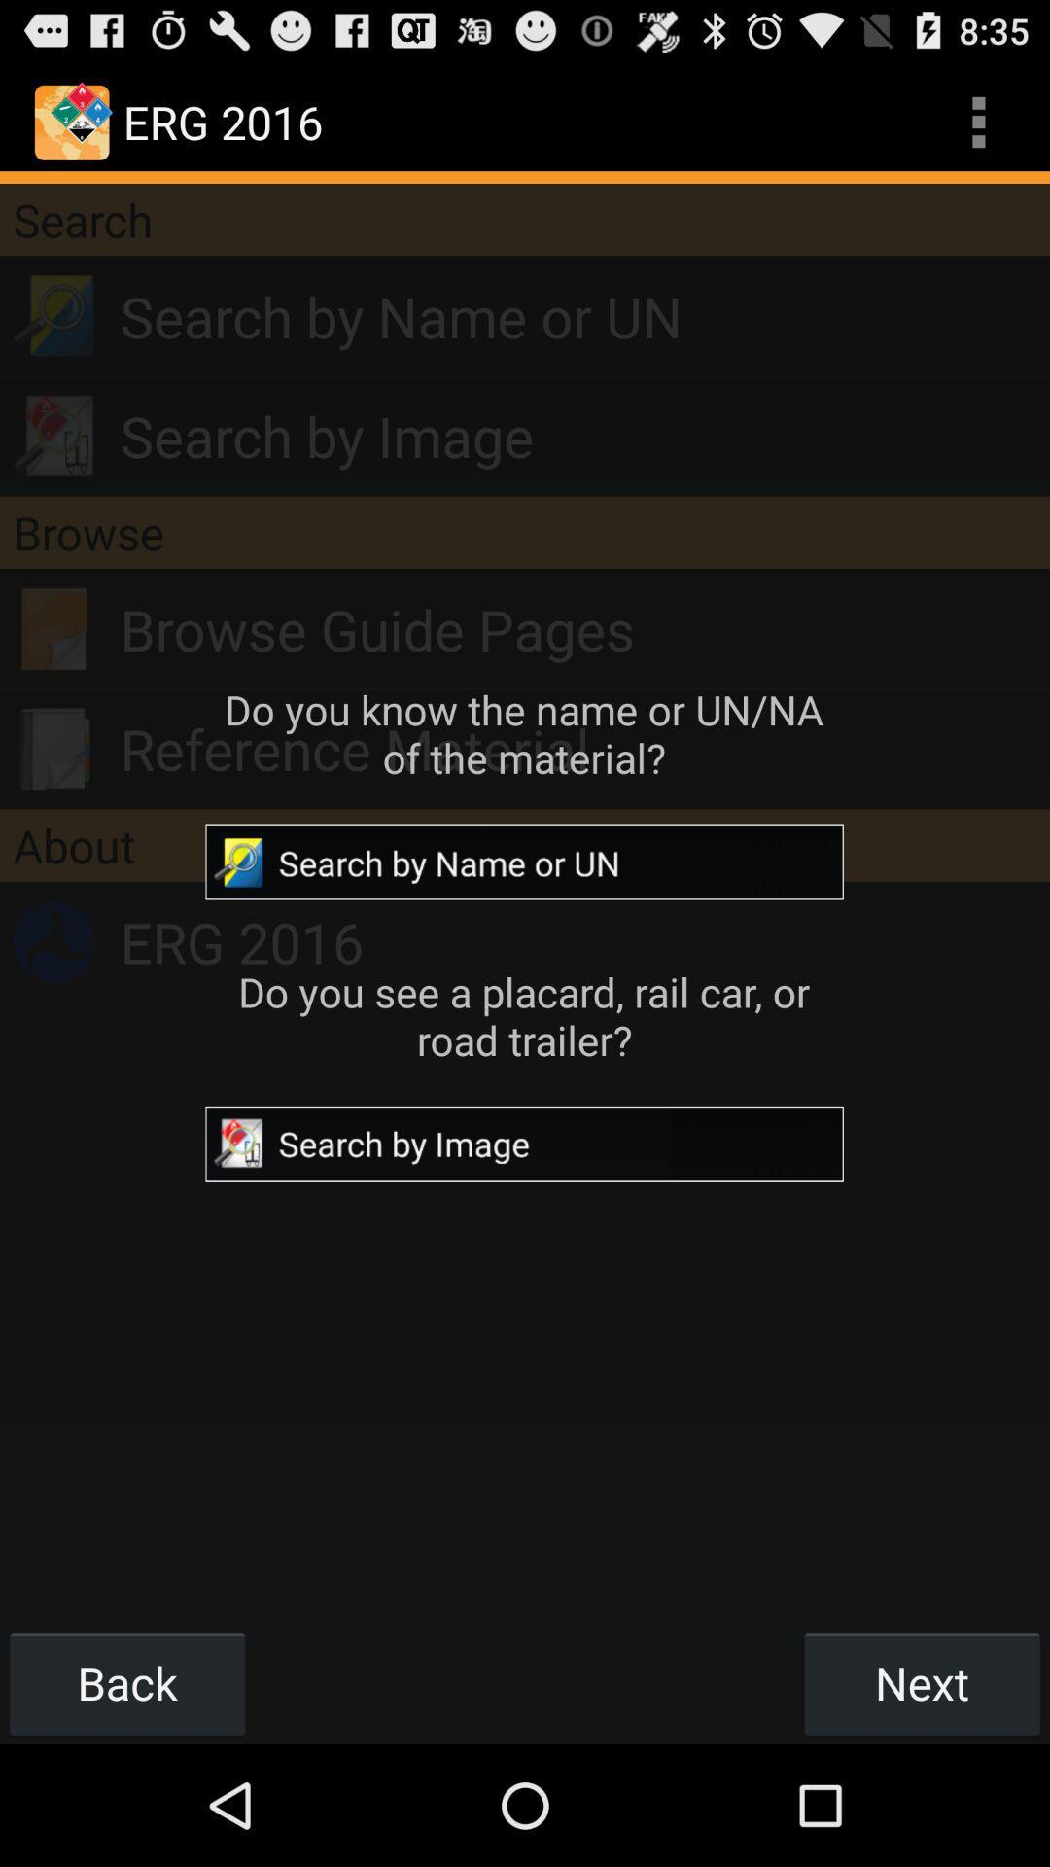 The height and width of the screenshot is (1867, 1050). Describe the element at coordinates (583, 748) in the screenshot. I see `the reference material` at that location.